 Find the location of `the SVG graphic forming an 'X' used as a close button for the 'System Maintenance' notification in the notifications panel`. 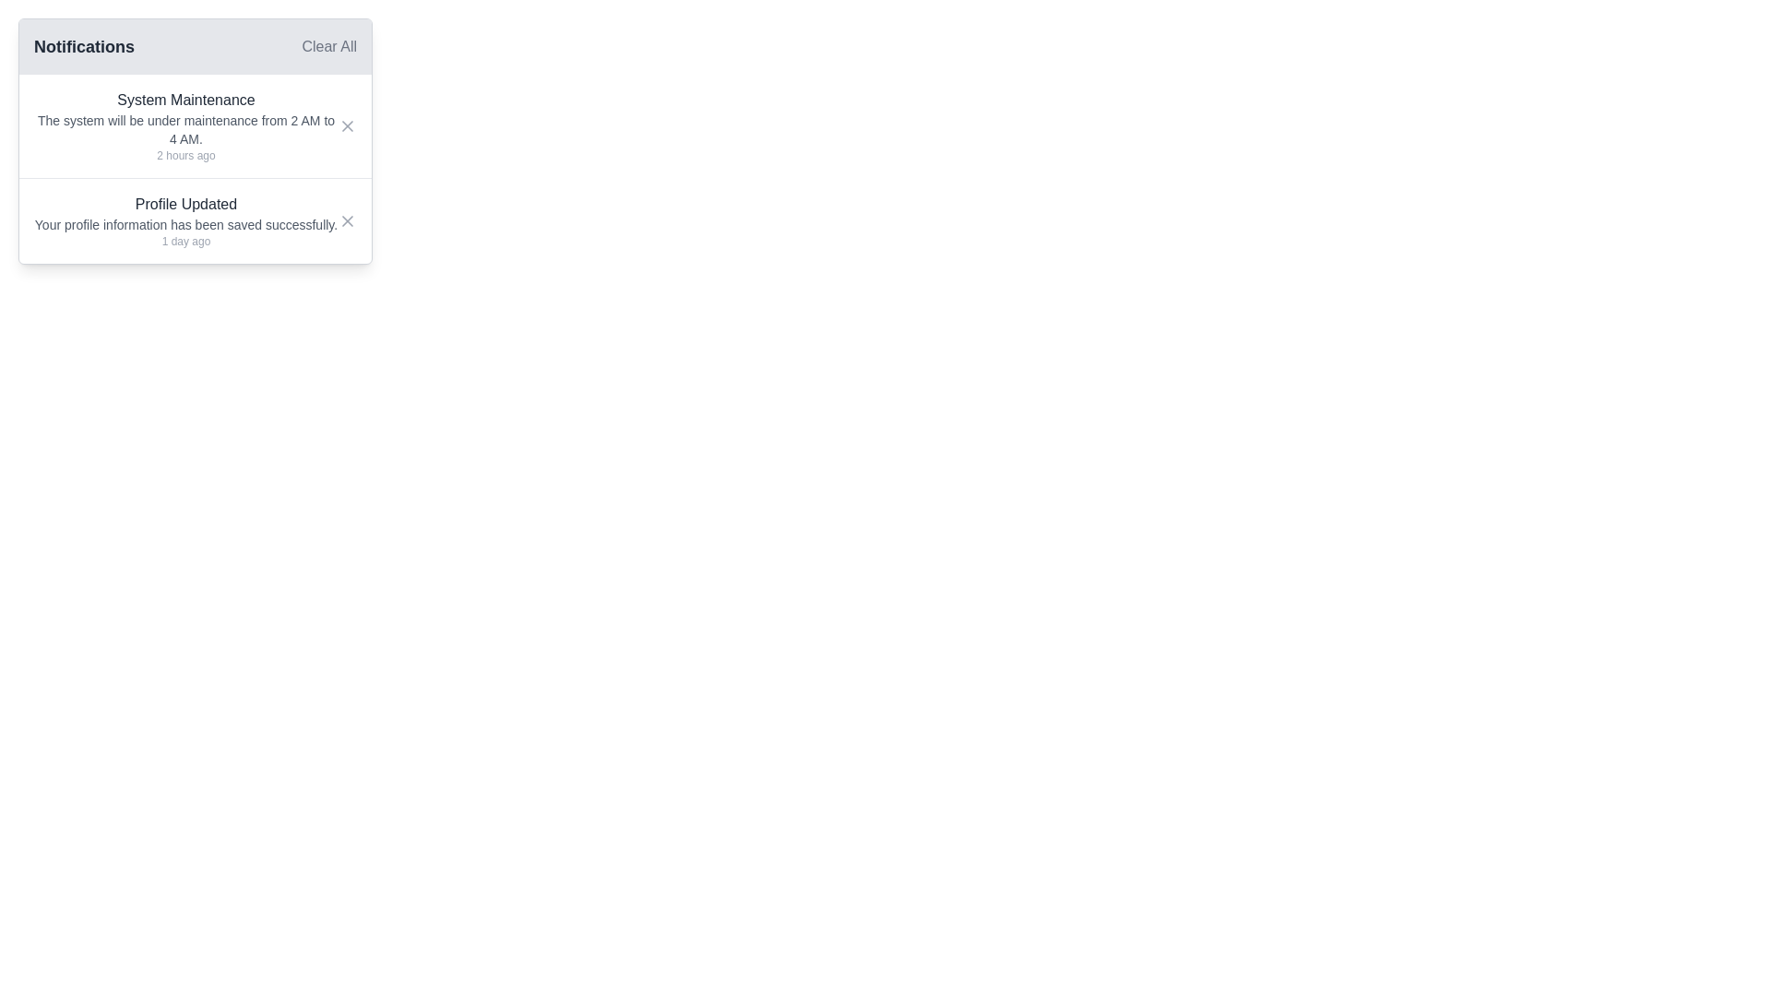

the SVG graphic forming an 'X' used as a close button for the 'System Maintenance' notification in the notifications panel is located at coordinates (348, 125).